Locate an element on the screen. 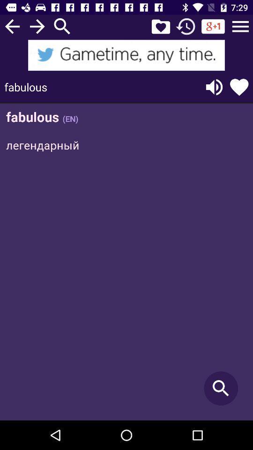 The height and width of the screenshot is (450, 253). a pulldown menu is located at coordinates (240, 26).